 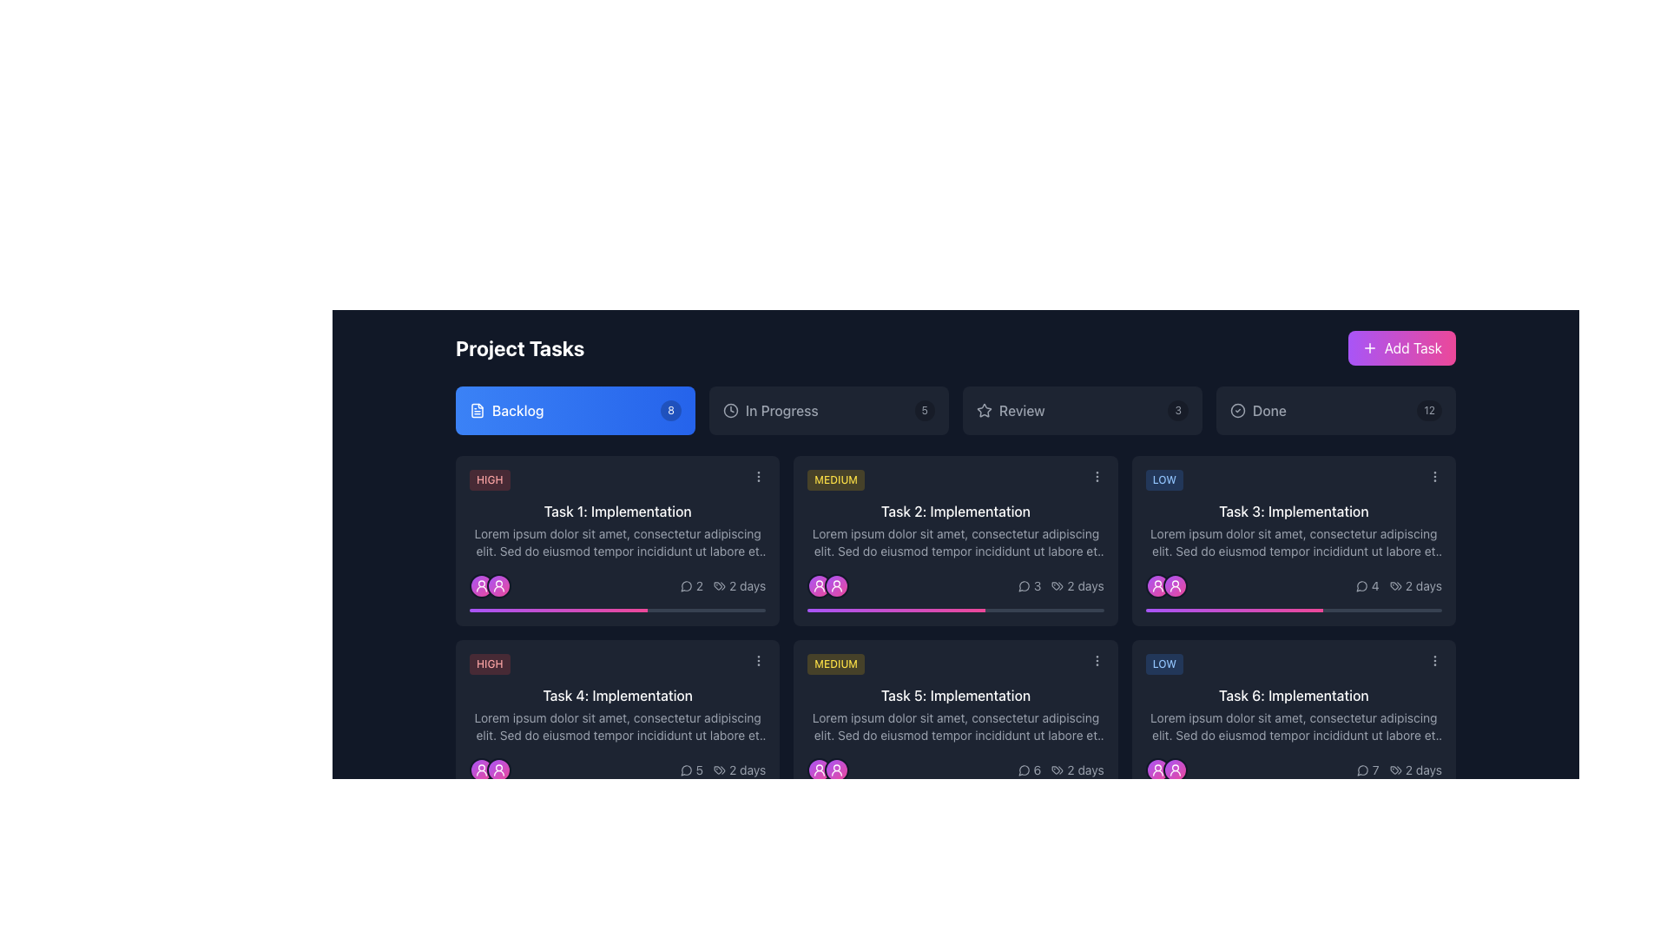 I want to click on the user avatar group indicator located within the 'Task 1: Implementation' card in the 'Backlog' section, so click(x=490, y=586).